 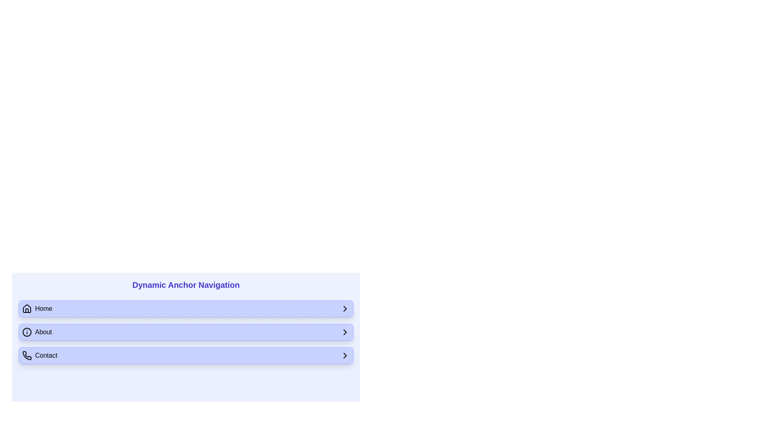 What do you see at coordinates (36, 332) in the screenshot?
I see `the Navigation Link labeled 'About' in the vertically-stacked navigation menu for keyboard navigation` at bounding box center [36, 332].